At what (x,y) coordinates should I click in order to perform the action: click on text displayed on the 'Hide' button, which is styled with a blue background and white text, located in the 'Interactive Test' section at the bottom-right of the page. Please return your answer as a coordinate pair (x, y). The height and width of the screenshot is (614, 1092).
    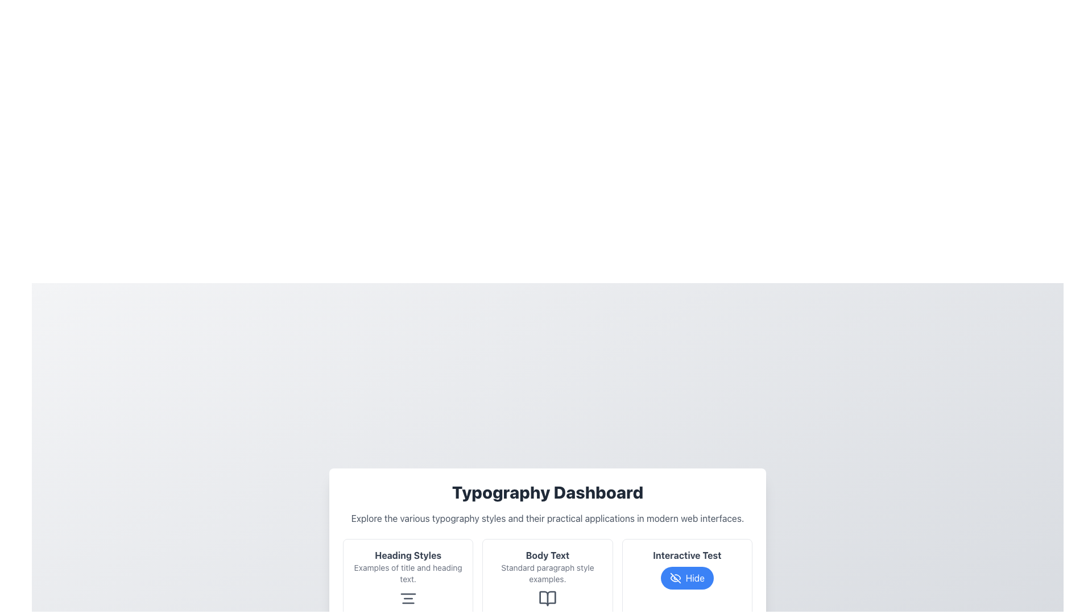
    Looking at the image, I should click on (694, 578).